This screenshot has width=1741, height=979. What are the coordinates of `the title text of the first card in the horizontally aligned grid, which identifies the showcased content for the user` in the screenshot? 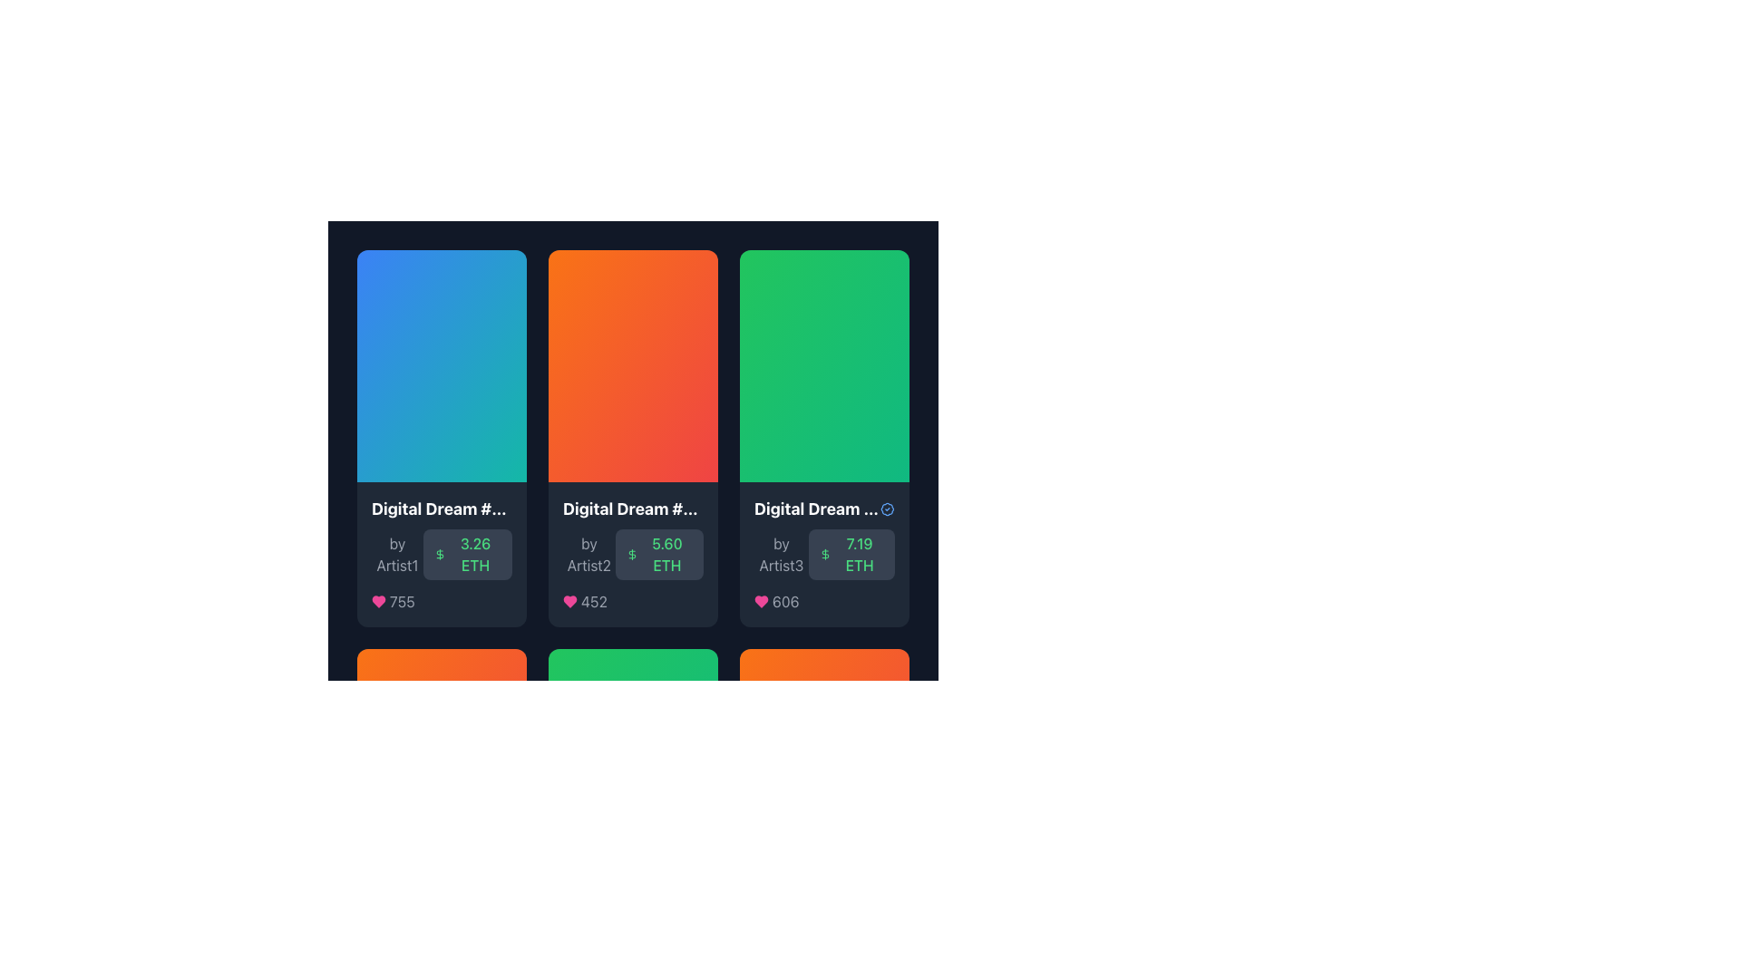 It's located at (442, 509).